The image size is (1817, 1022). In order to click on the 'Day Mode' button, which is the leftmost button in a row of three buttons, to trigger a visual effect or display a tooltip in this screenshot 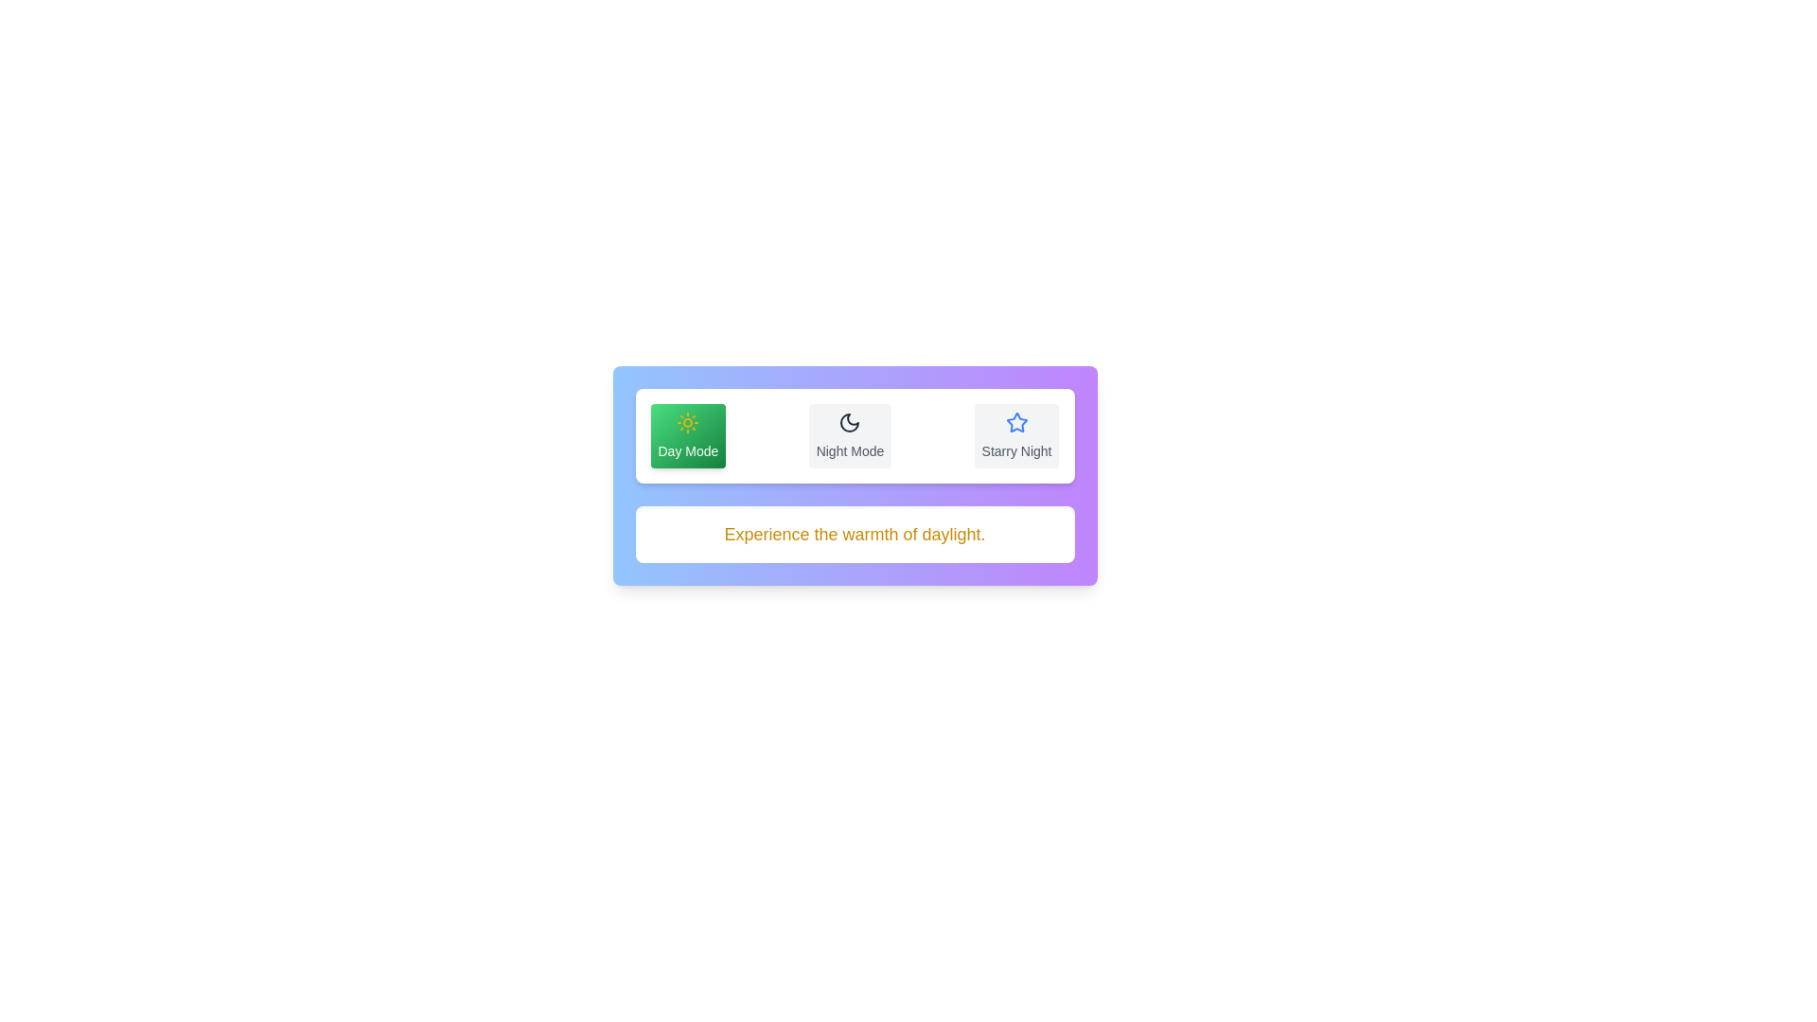, I will do `click(854, 436)`.